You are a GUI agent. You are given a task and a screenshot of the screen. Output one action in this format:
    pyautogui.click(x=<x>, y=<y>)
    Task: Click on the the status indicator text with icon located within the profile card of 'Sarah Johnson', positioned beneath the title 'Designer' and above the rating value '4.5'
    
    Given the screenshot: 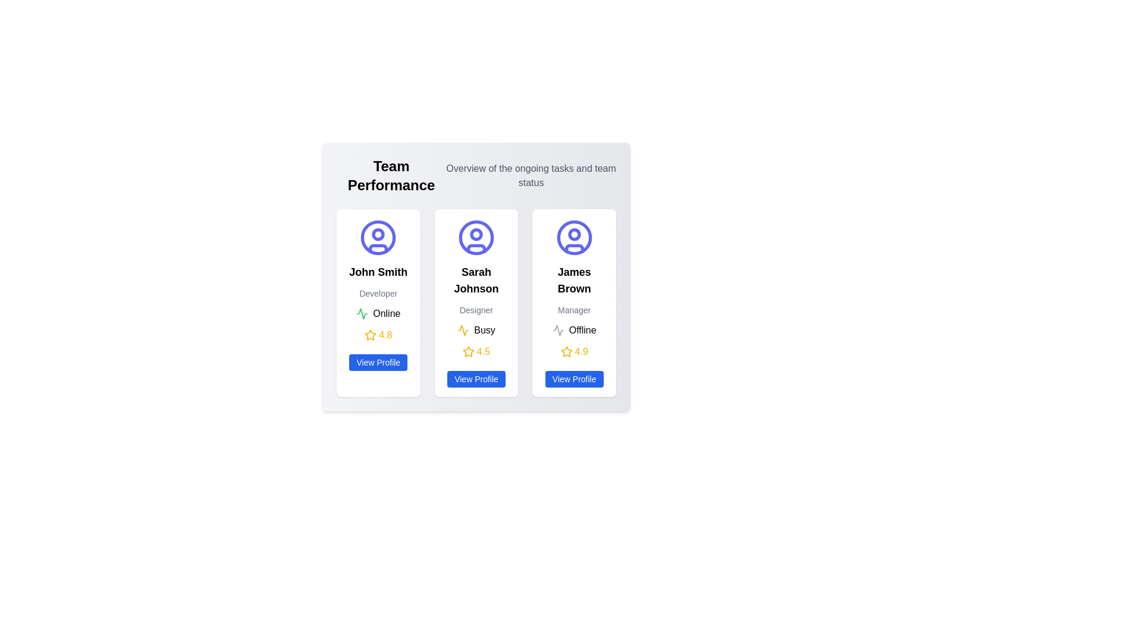 What is the action you would take?
    pyautogui.click(x=476, y=330)
    